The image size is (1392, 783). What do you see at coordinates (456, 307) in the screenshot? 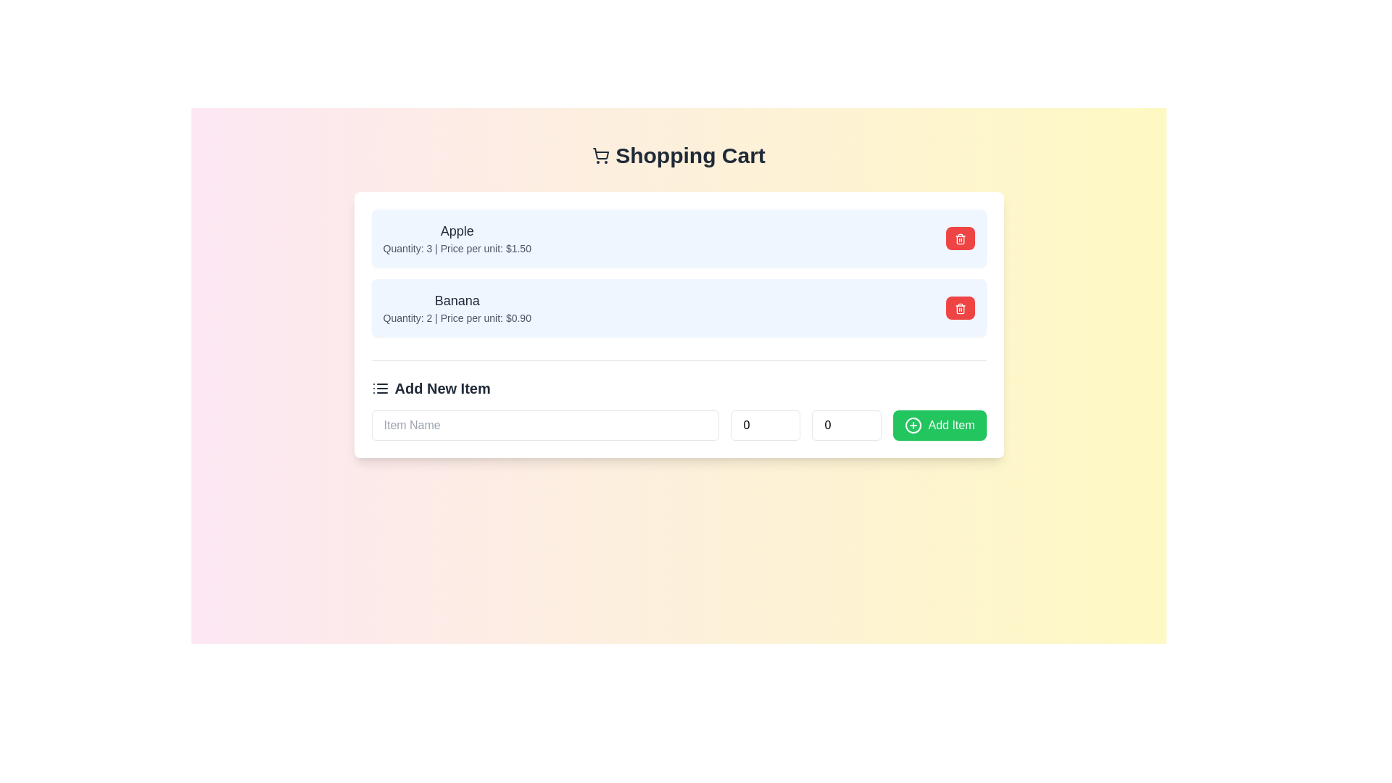
I see `the Text display component that shows the item name 'Banana' along with its quantity and price per unit` at bounding box center [456, 307].